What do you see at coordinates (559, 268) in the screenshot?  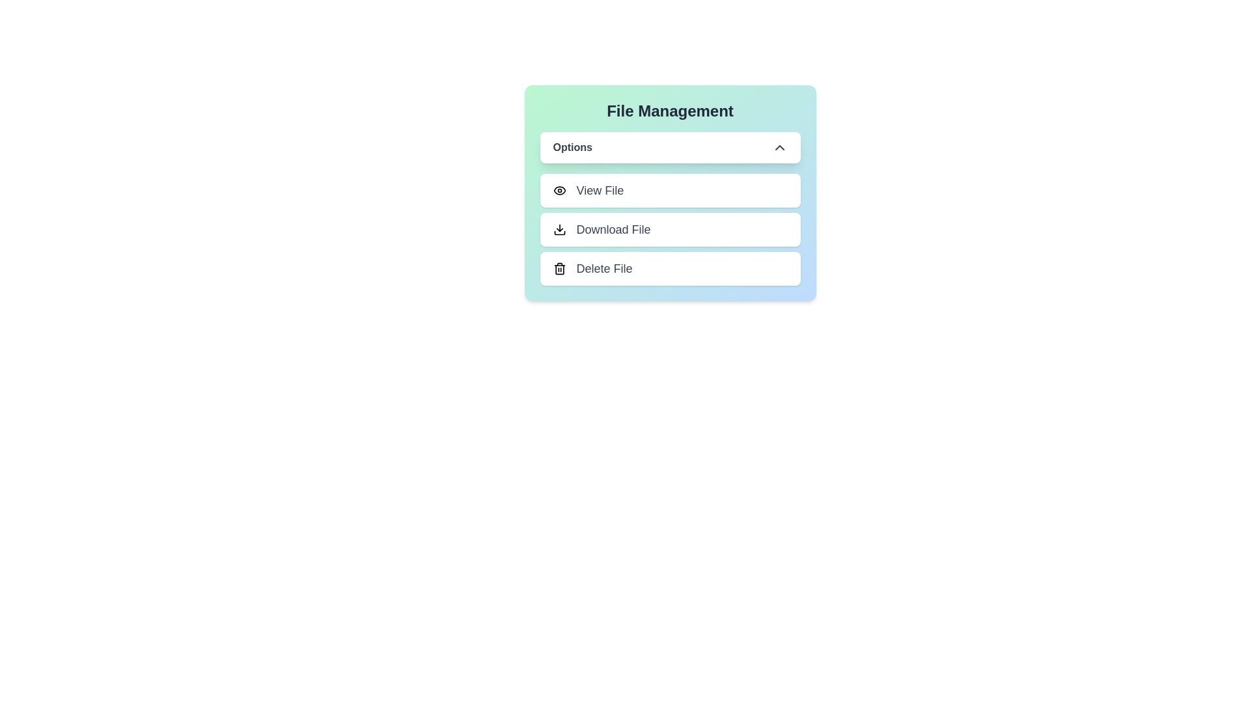 I see `the icon next to the menu option Delete File` at bounding box center [559, 268].